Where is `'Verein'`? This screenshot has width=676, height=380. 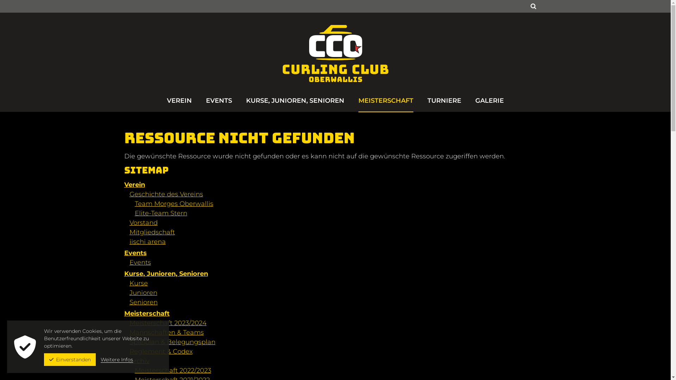 'Verein' is located at coordinates (134, 184).